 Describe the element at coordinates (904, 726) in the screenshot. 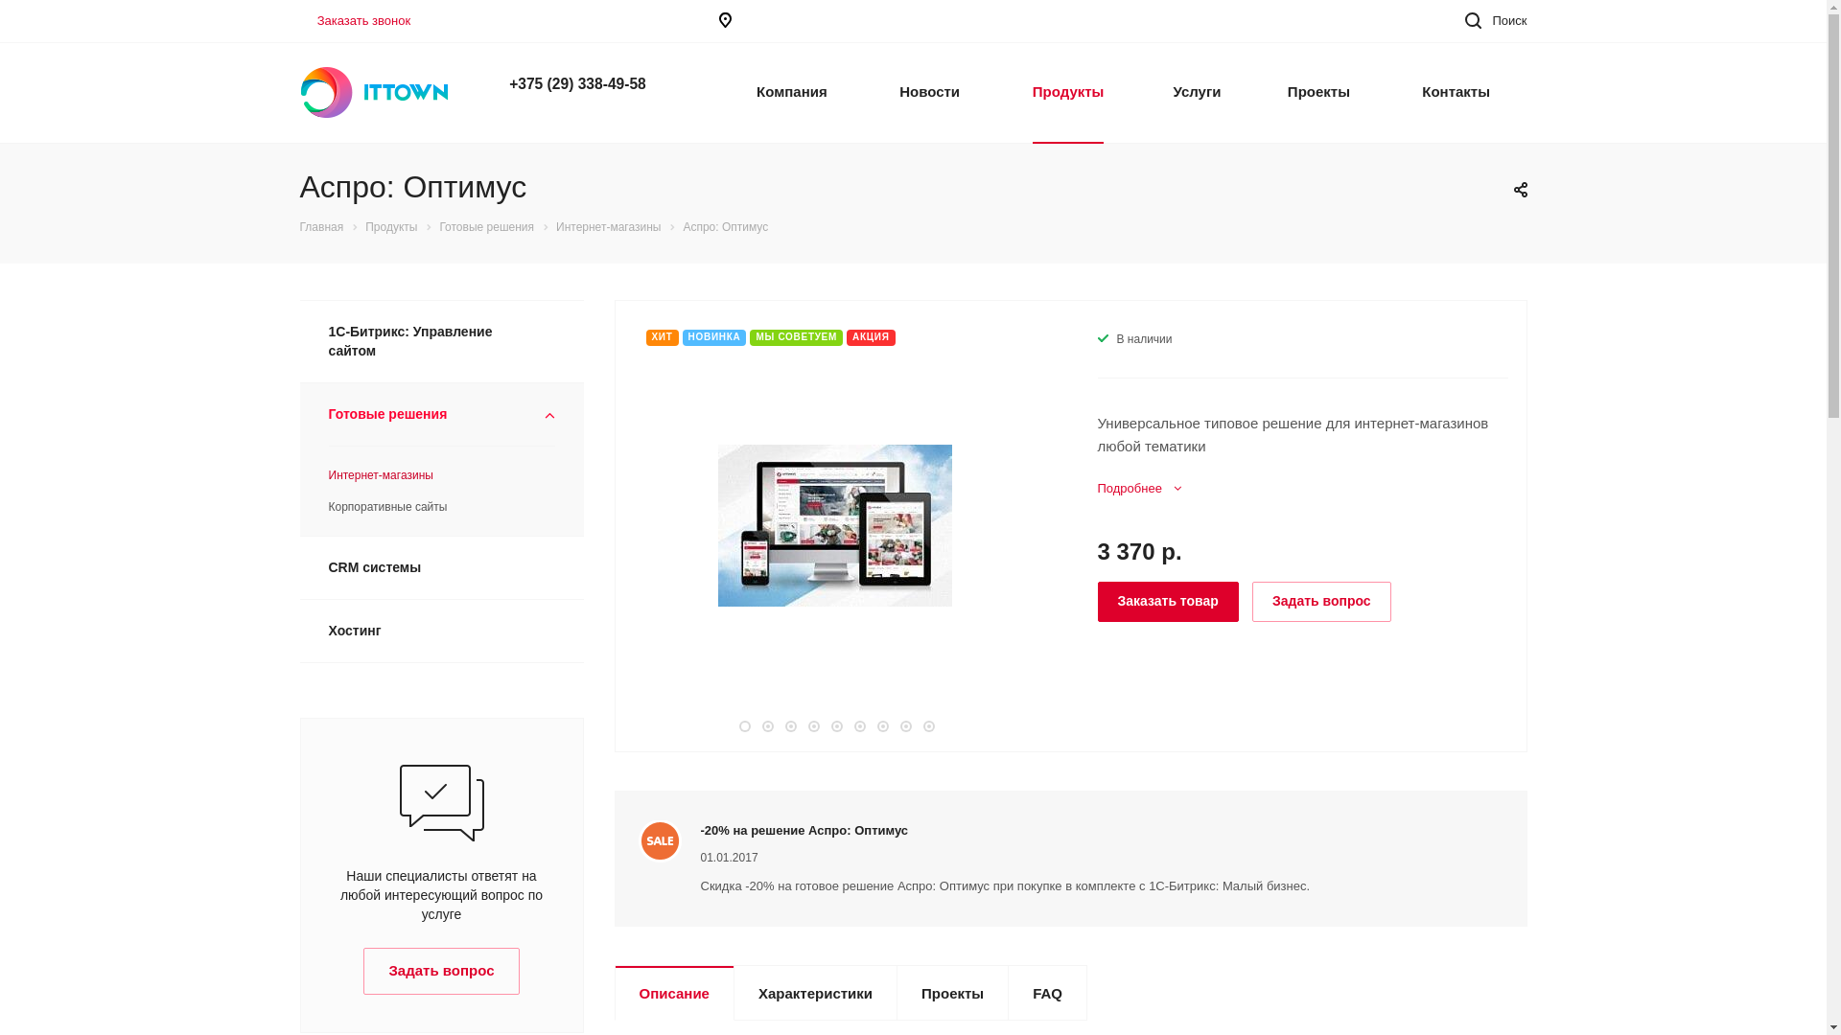

I see `'8'` at that location.